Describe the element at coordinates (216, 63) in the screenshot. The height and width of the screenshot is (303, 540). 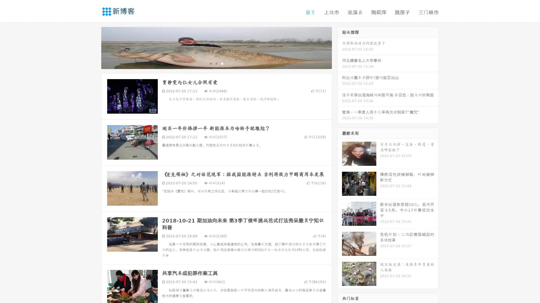
I see `Go to slide 2` at that location.